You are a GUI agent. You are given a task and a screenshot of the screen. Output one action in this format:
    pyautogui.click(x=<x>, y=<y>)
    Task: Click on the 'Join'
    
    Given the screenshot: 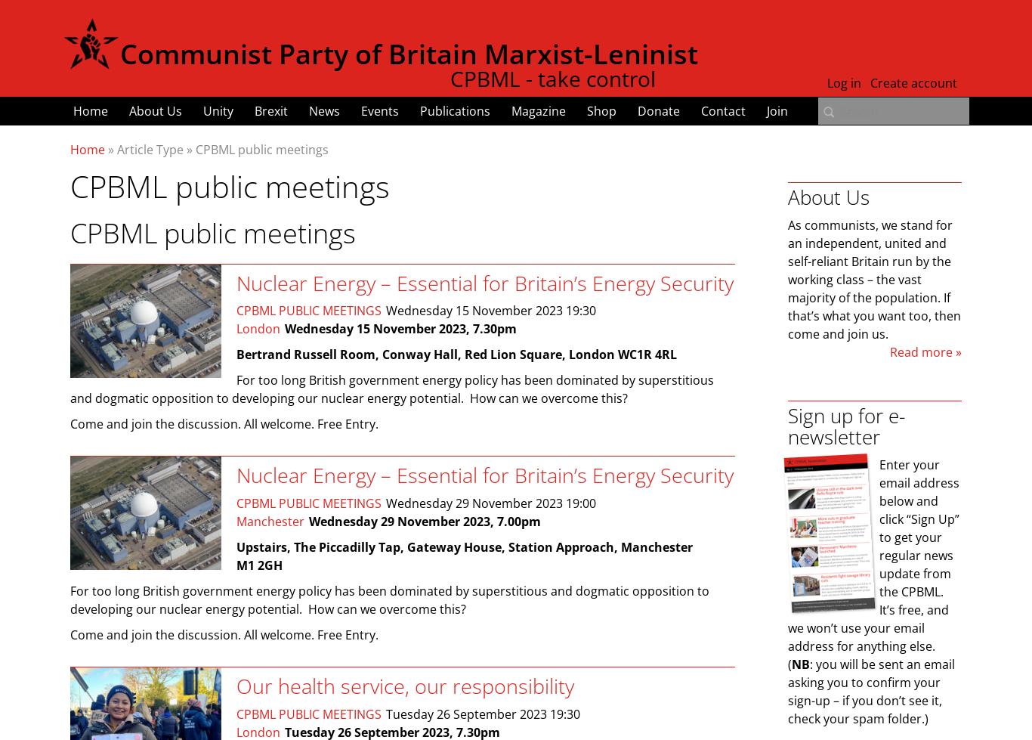 What is the action you would take?
    pyautogui.click(x=766, y=111)
    